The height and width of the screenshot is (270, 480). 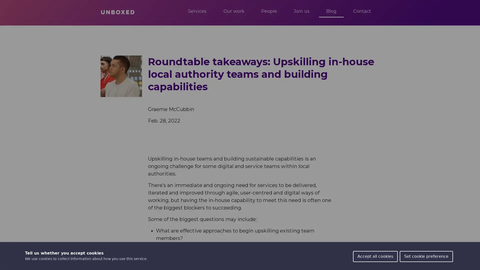 I want to click on Accept all cookies, so click(x=375, y=256).